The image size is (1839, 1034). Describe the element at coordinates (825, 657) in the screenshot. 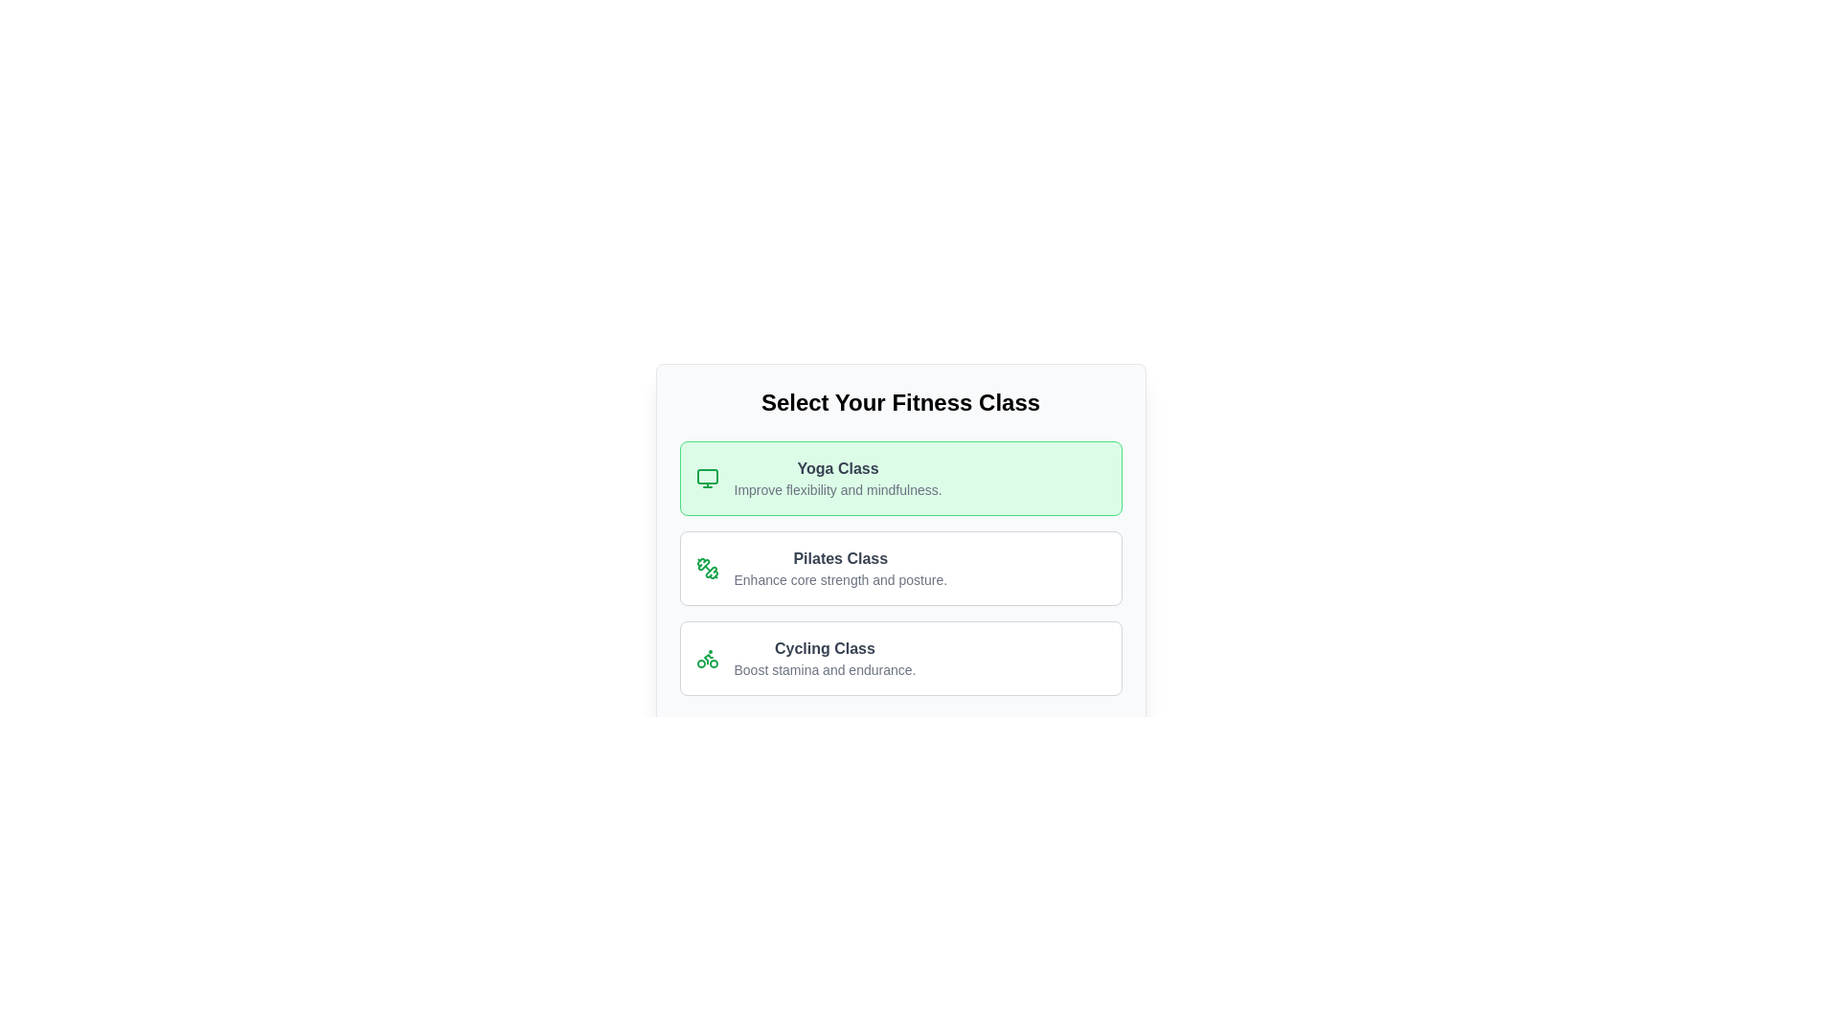

I see `the third and last item in the vertical list of fitness class options, which provides information about the class title and description, located beneath the 'Pilates Class' option` at that location.